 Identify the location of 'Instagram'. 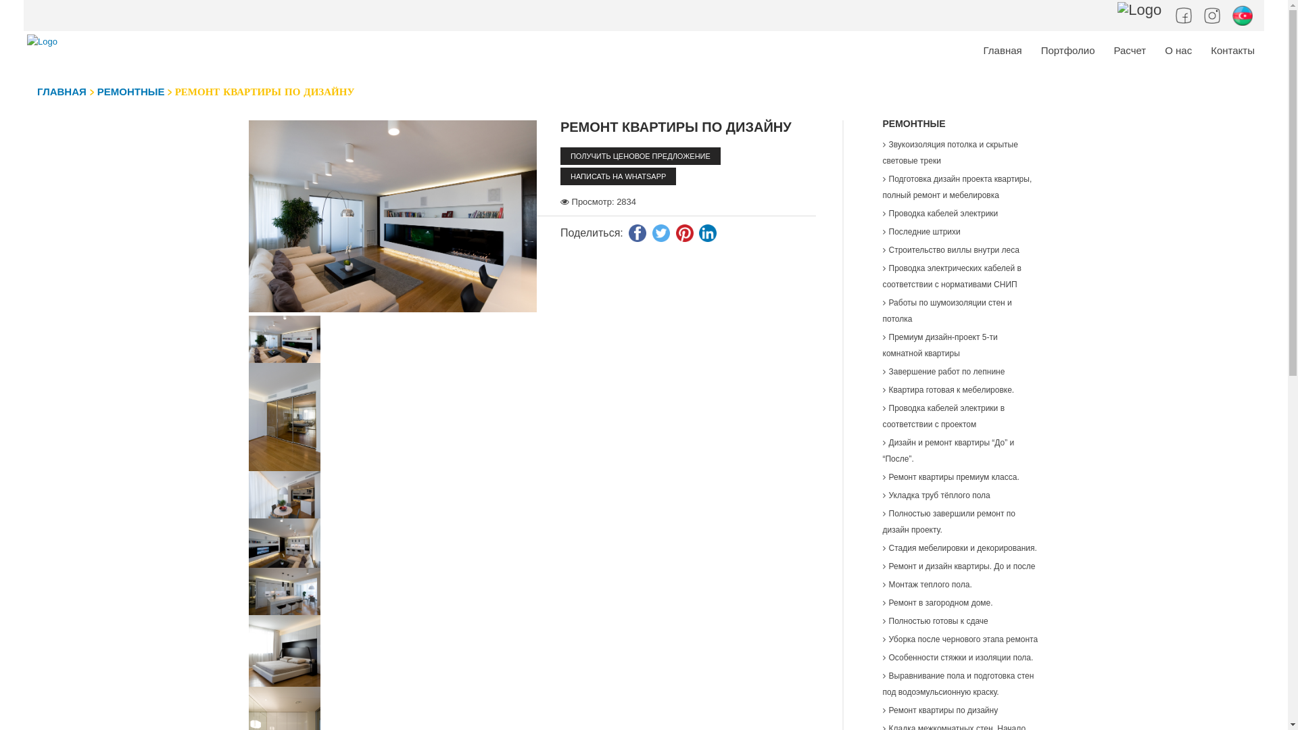
(1213, 13).